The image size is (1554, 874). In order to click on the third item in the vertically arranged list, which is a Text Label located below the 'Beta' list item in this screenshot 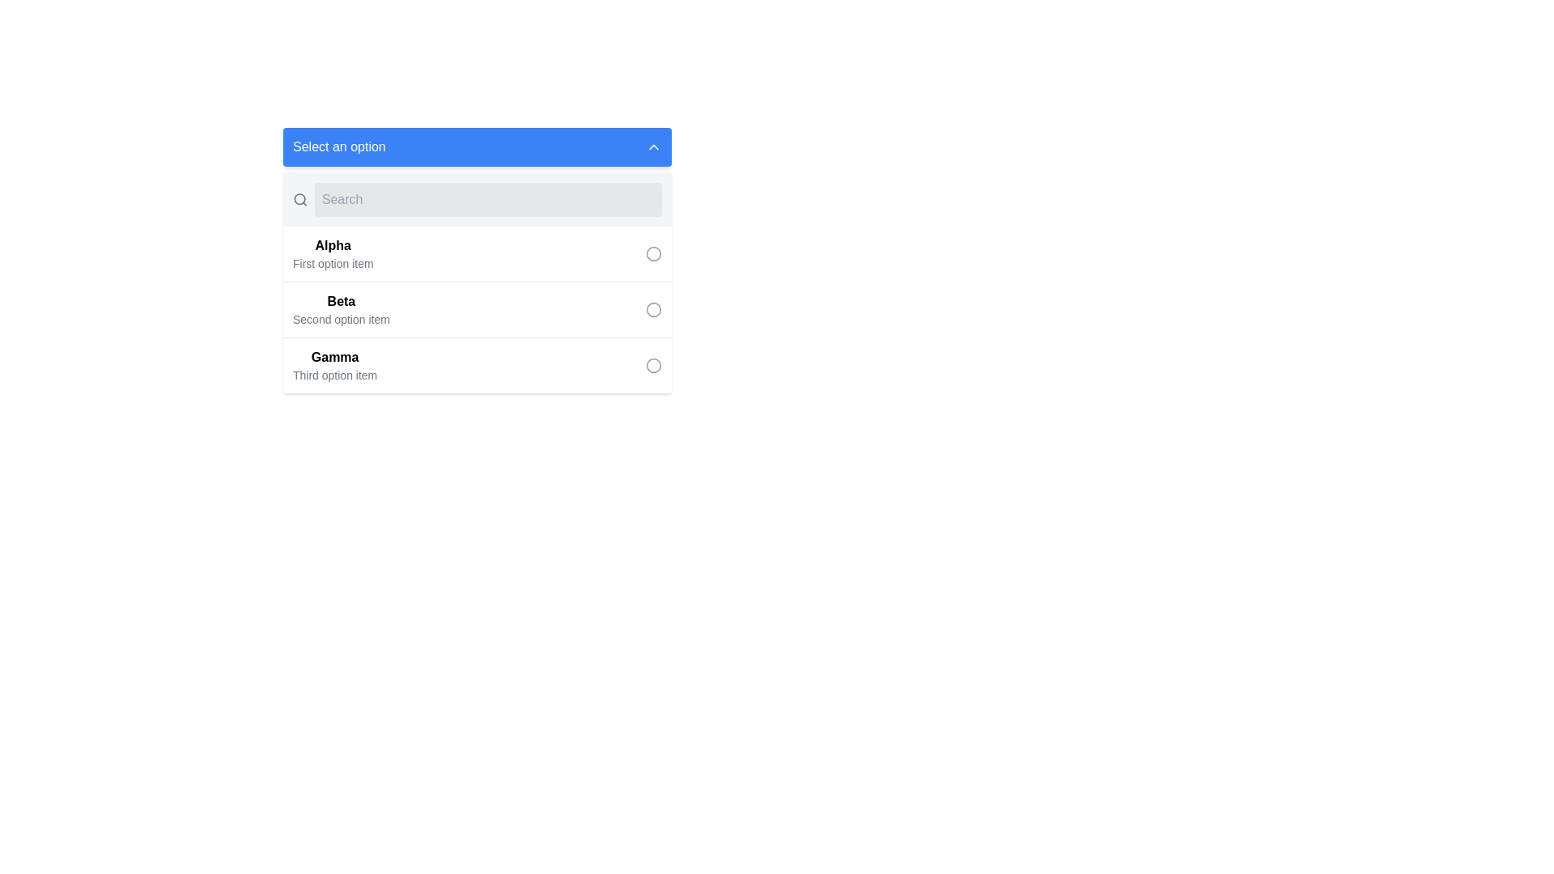, I will do `click(334, 365)`.